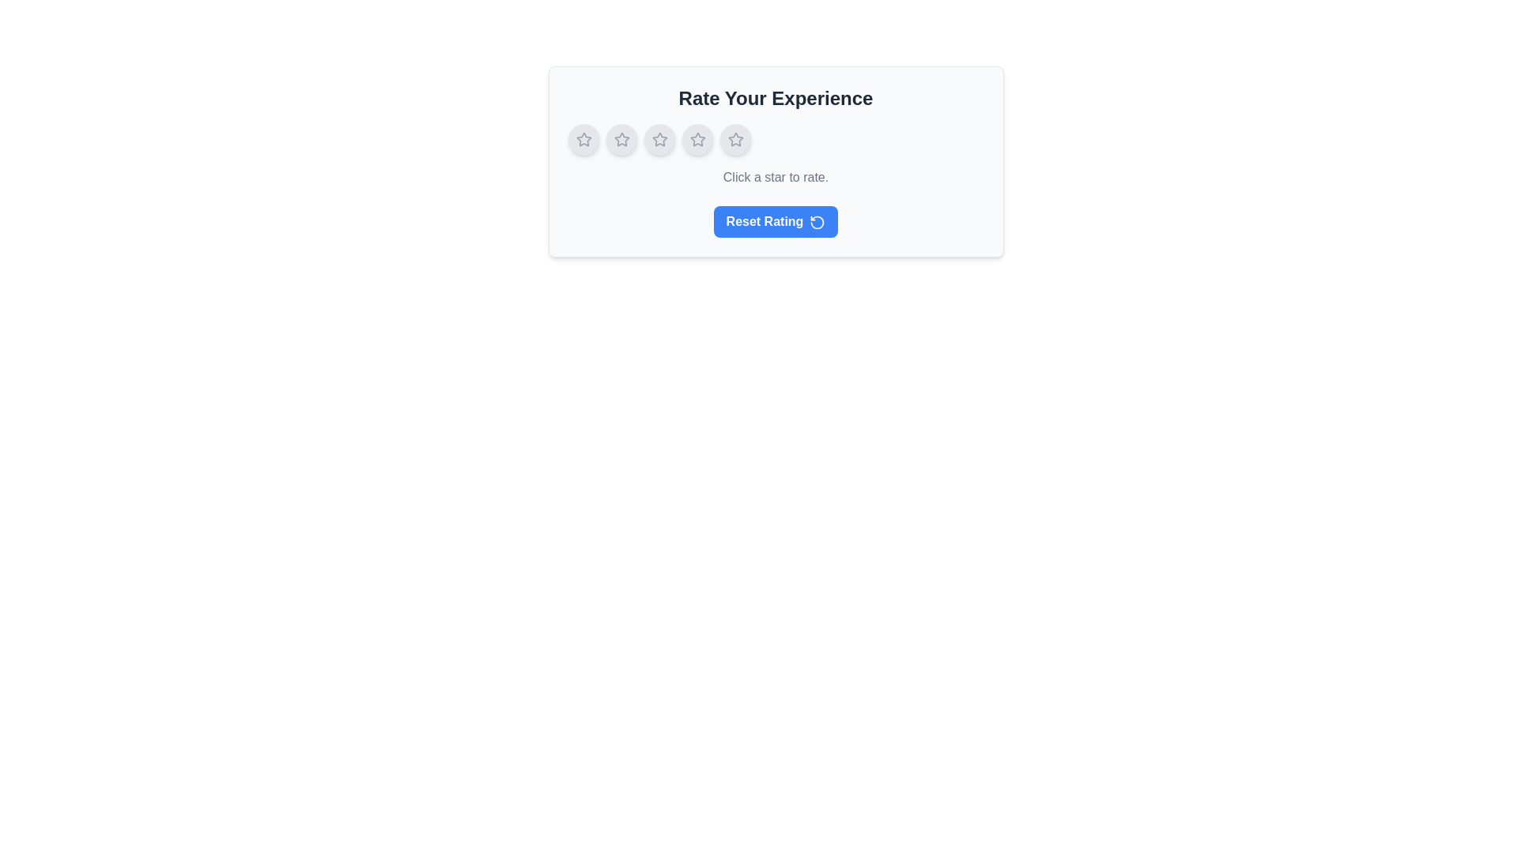 The width and height of the screenshot is (1518, 853). What do you see at coordinates (734, 139) in the screenshot?
I see `the fifth interactive star icon in the horizontal row for keyboard navigation` at bounding box center [734, 139].